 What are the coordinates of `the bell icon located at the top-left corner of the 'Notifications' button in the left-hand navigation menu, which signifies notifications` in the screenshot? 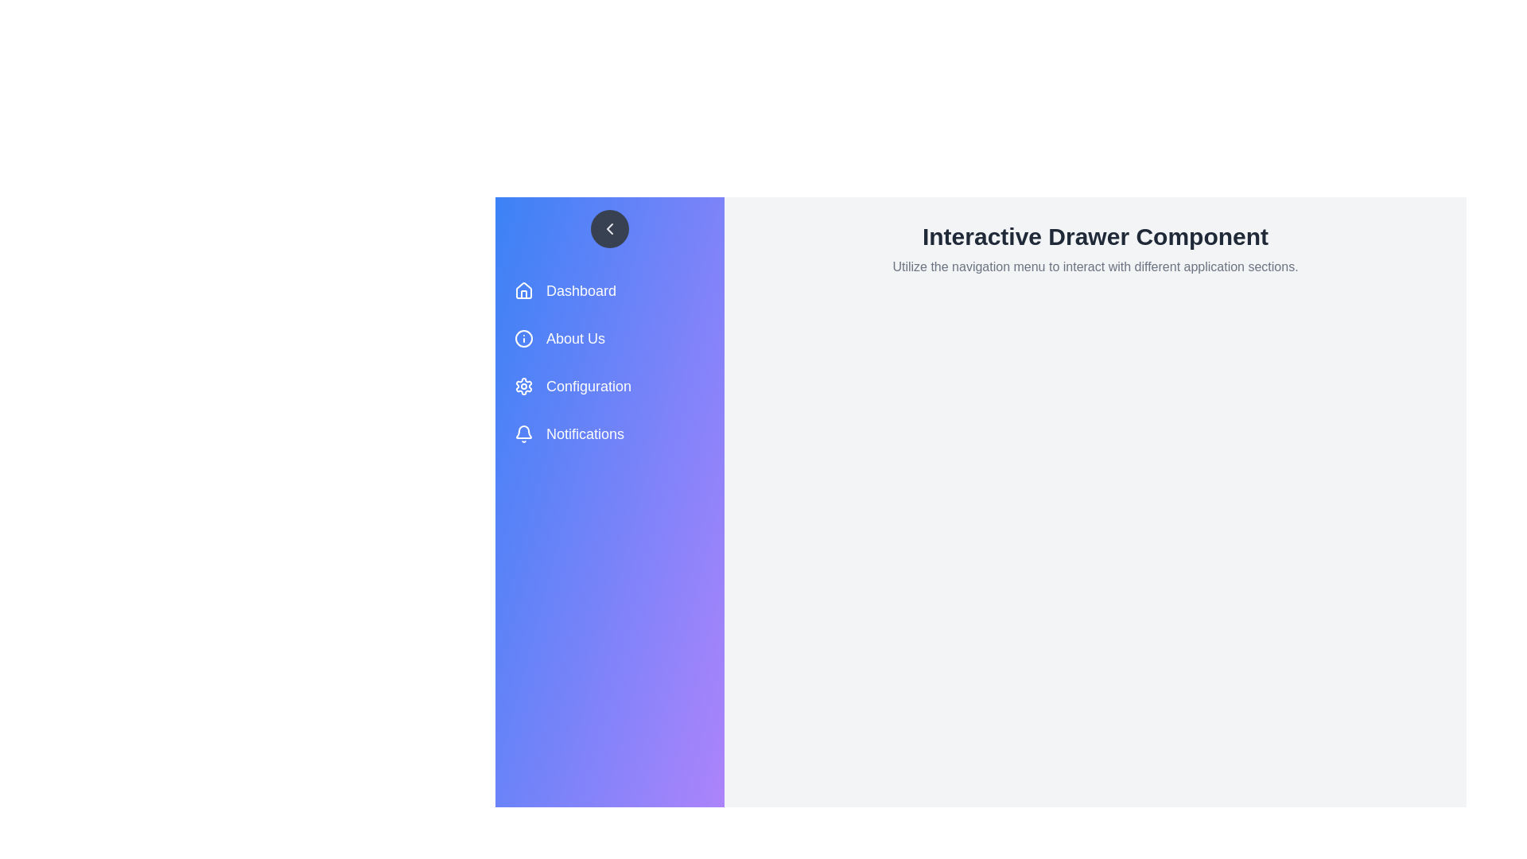 It's located at (523, 434).